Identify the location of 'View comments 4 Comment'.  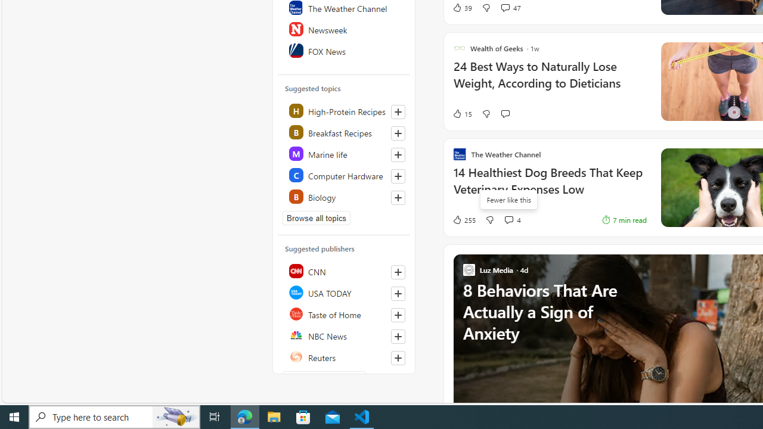
(512, 219).